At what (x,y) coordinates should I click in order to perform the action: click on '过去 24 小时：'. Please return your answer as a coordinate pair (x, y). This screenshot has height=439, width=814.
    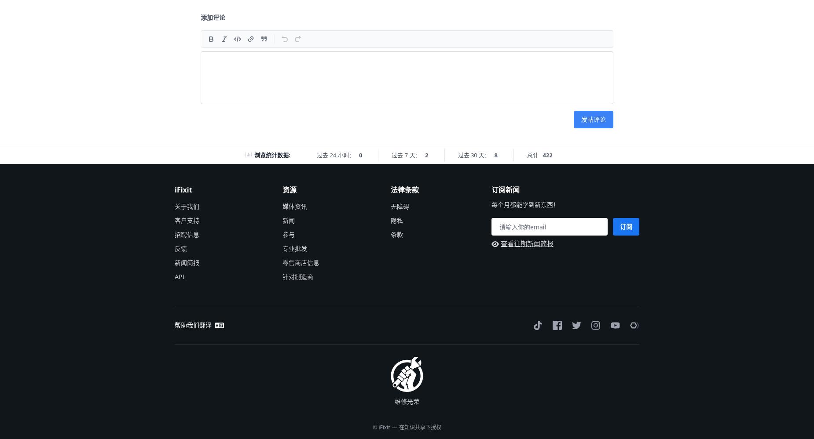
    Looking at the image, I should click on (317, 155).